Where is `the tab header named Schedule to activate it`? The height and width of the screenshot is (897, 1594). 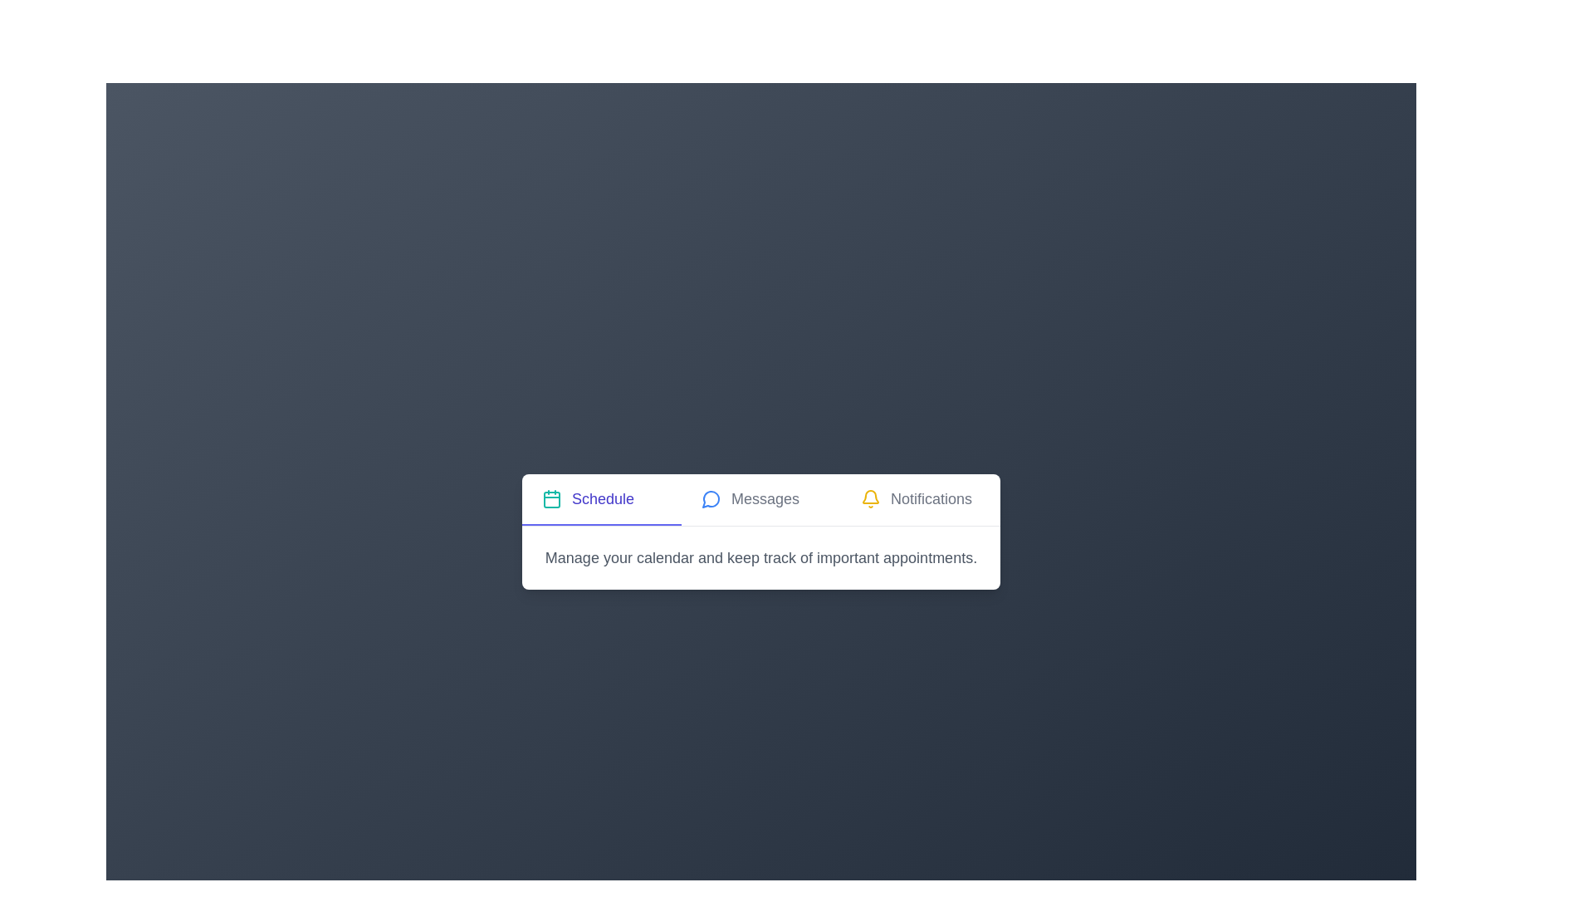 the tab header named Schedule to activate it is located at coordinates (600, 498).